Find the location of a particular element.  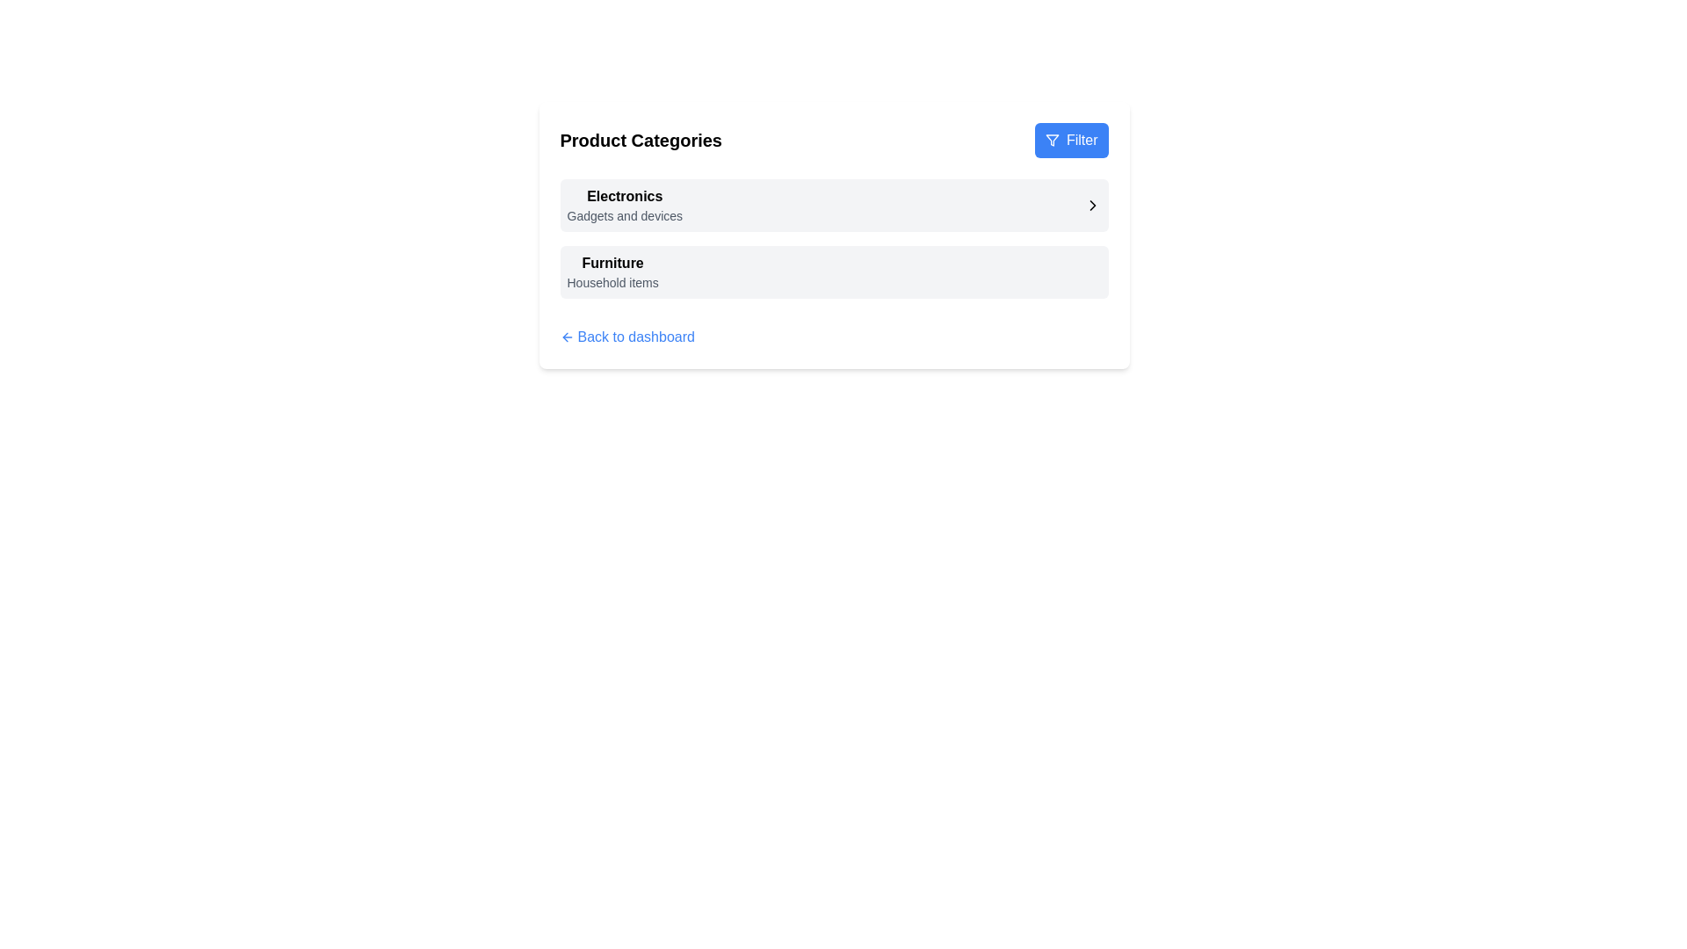

the 'Furniture' category text label, which is located beneath the 'Electronics' entry in the categorized list is located at coordinates (612, 264).